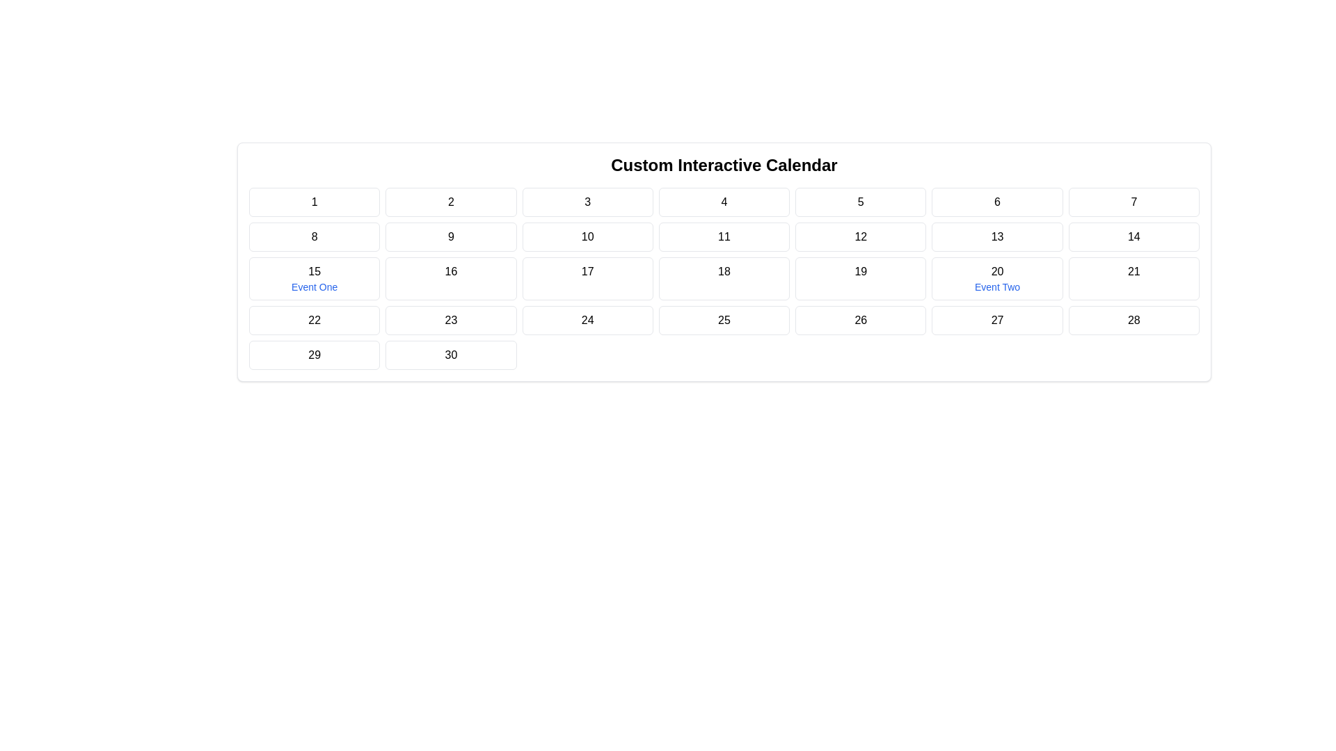 Image resolution: width=1336 pixels, height=751 pixels. Describe the element at coordinates (314, 286) in the screenshot. I see `the text label that displays 'Event One', which is centered below the number '15' within a calendar cell` at that location.